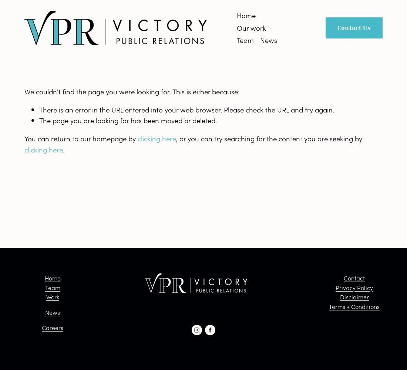 The height and width of the screenshot is (370, 407). What do you see at coordinates (354, 306) in the screenshot?
I see `'Terms + Conditions'` at bounding box center [354, 306].